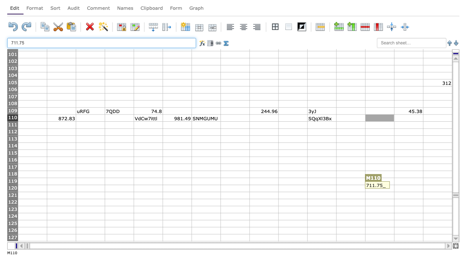 Image resolution: width=463 pixels, height=260 pixels. What do you see at coordinates (408, 188) in the screenshot?
I see `Col: N, Row: 120` at bounding box center [408, 188].